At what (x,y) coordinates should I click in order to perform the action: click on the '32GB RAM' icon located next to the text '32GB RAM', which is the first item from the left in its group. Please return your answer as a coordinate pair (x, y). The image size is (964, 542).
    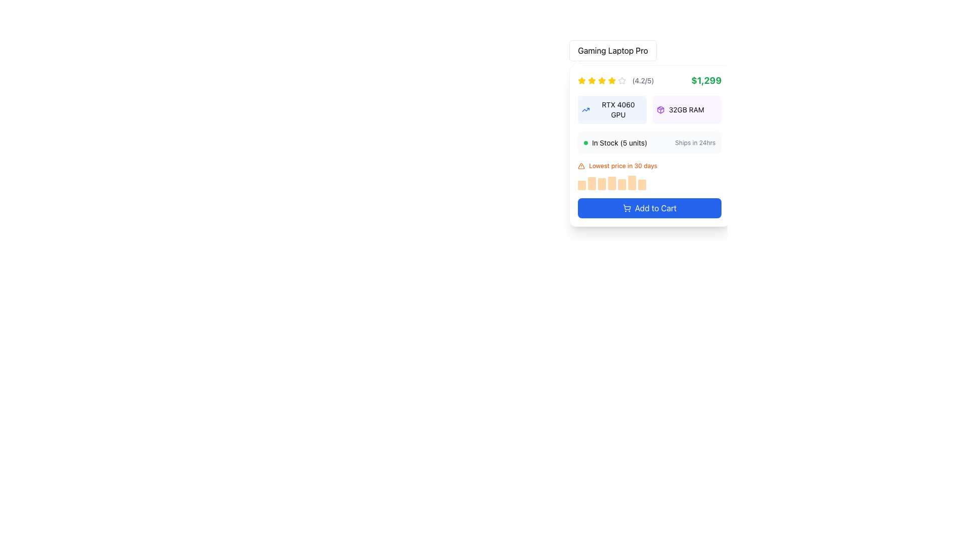
    Looking at the image, I should click on (661, 110).